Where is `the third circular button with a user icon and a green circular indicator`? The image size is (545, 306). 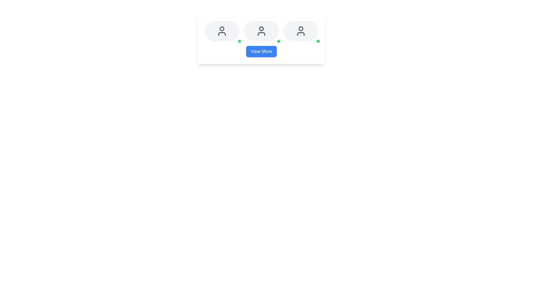
the third circular button with a user icon and a green circular indicator is located at coordinates (300, 31).